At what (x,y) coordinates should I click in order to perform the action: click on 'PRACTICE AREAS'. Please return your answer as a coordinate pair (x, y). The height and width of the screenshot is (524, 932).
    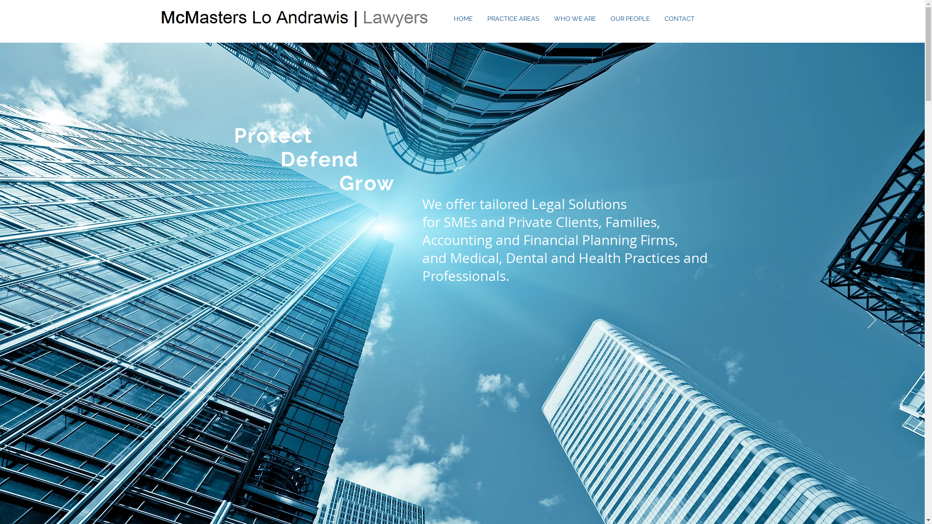
    Looking at the image, I should click on (480, 18).